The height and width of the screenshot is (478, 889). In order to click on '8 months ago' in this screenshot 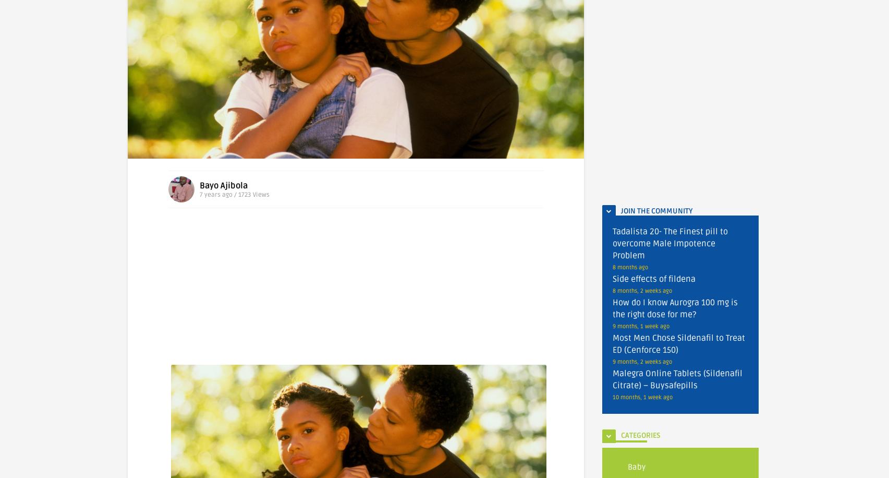, I will do `click(630, 267)`.